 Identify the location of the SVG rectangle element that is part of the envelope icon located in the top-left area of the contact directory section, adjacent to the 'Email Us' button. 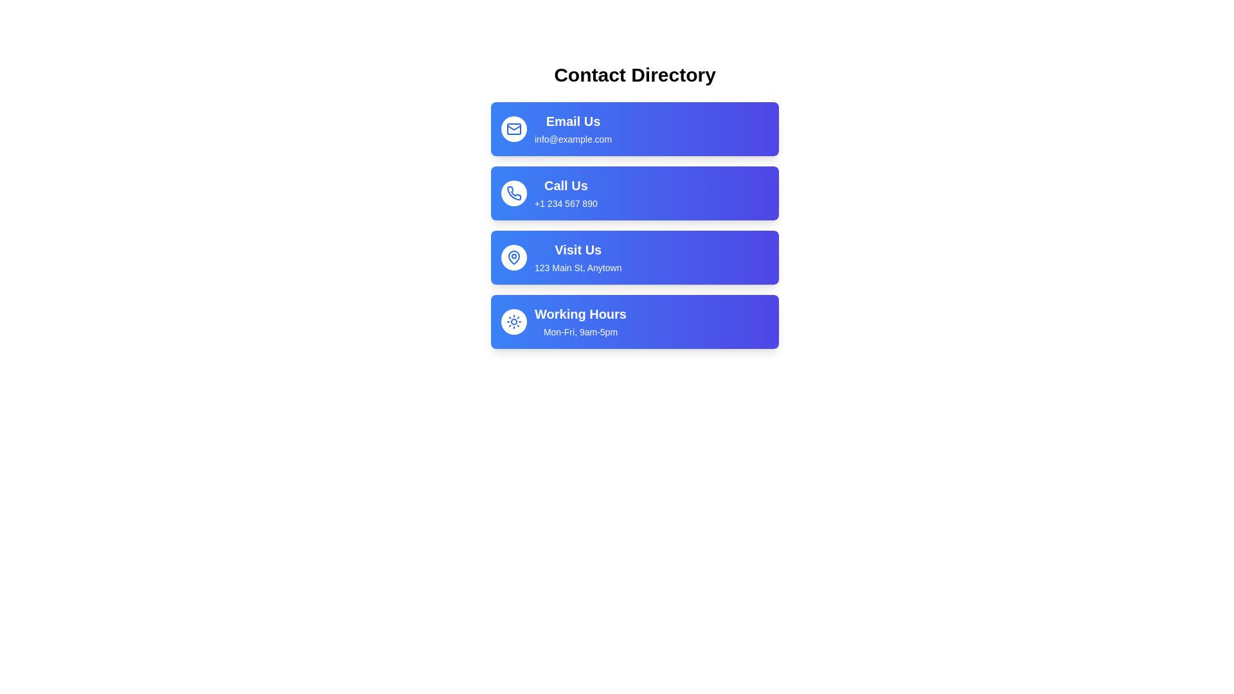
(514, 129).